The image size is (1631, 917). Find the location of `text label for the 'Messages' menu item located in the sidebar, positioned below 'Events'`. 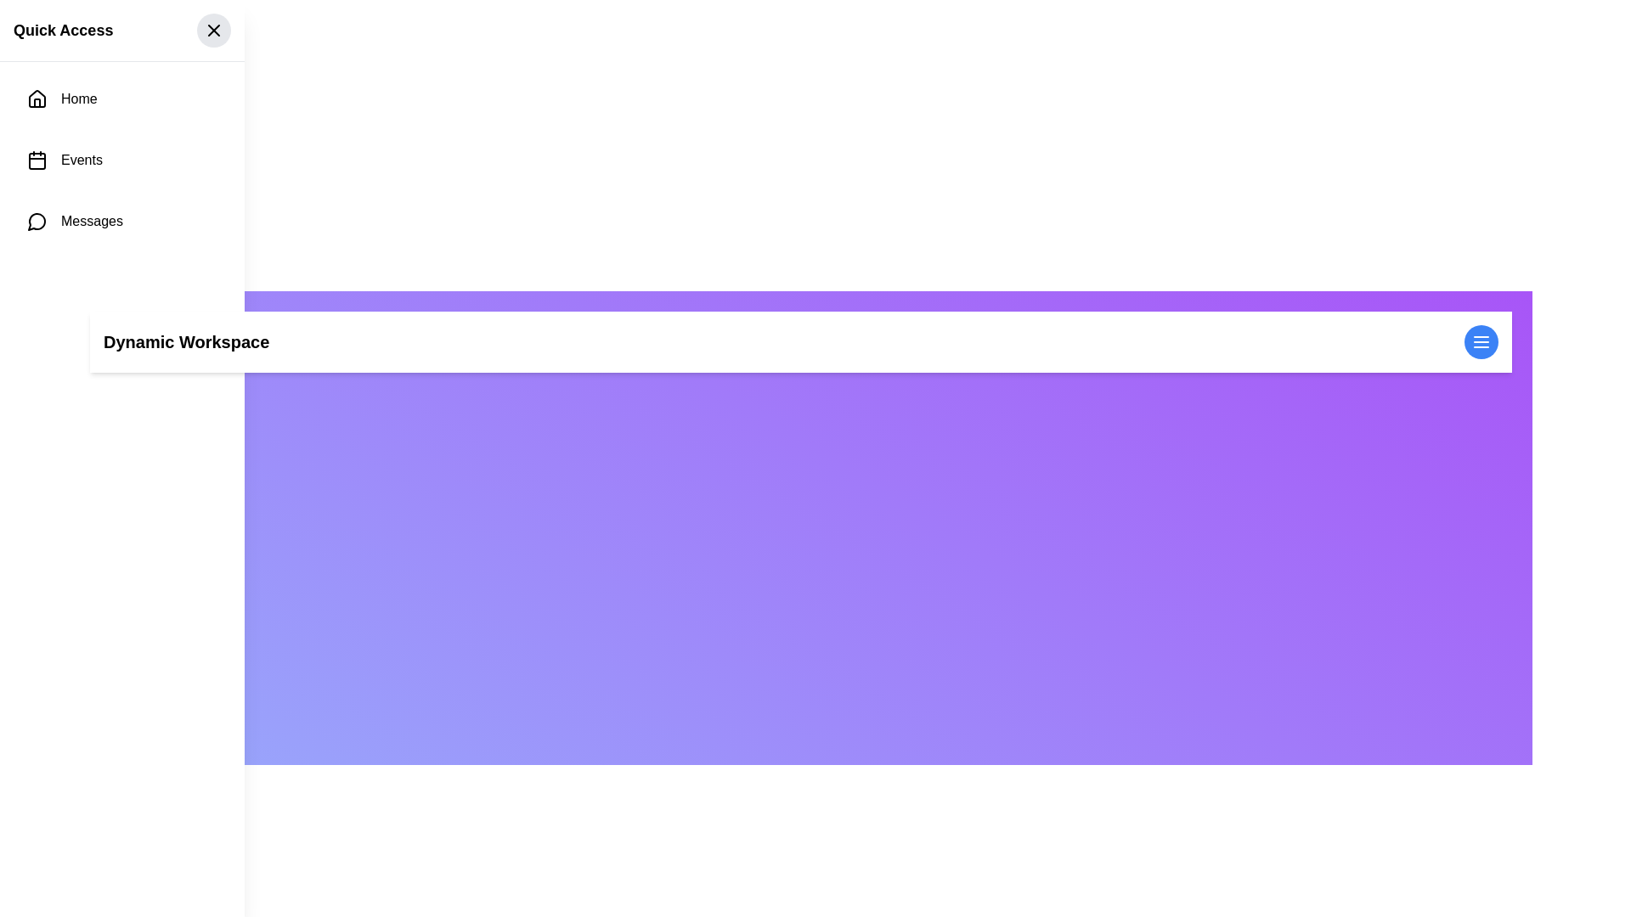

text label for the 'Messages' menu item located in the sidebar, positioned below 'Events' is located at coordinates (91, 221).